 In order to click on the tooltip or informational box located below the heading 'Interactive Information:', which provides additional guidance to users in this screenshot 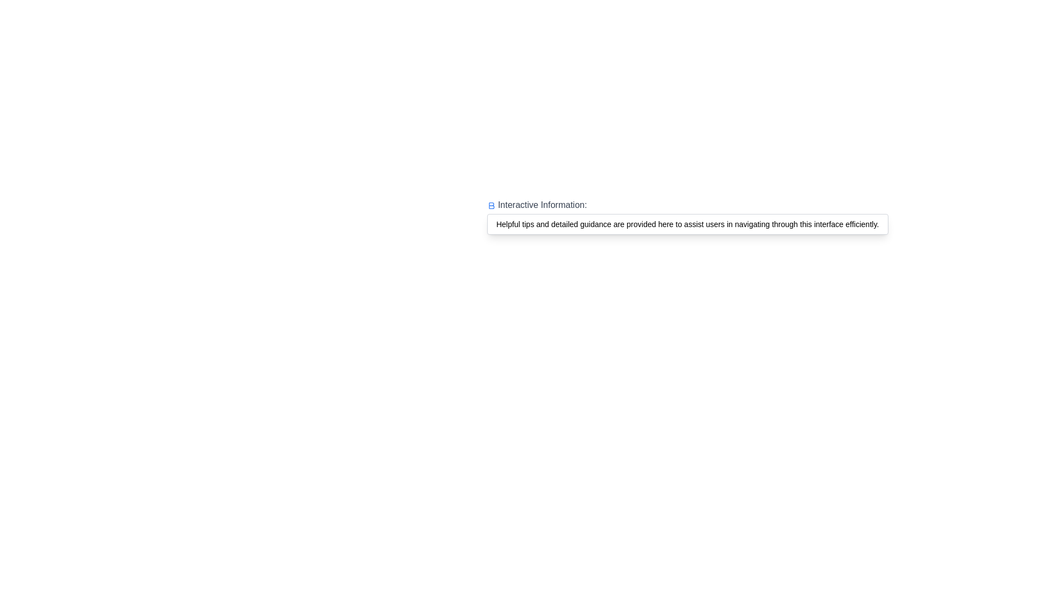, I will do `click(687, 223)`.